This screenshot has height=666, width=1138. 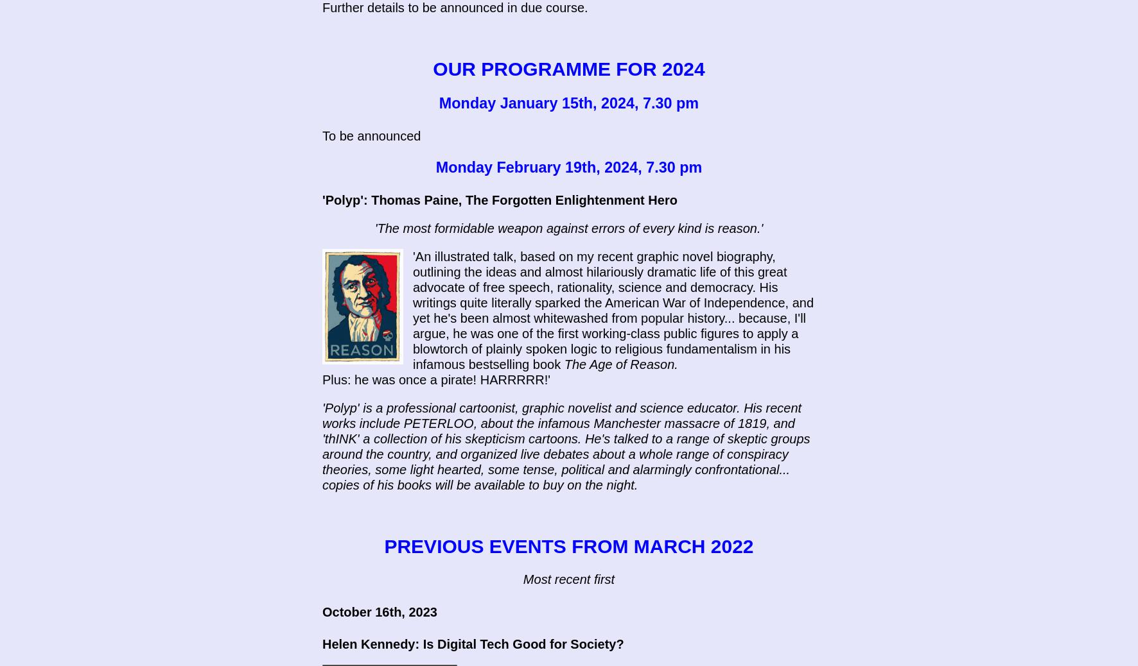 I want to click on ''The most formidable weapon against errors of every kind is reason.'', so click(x=568, y=228).